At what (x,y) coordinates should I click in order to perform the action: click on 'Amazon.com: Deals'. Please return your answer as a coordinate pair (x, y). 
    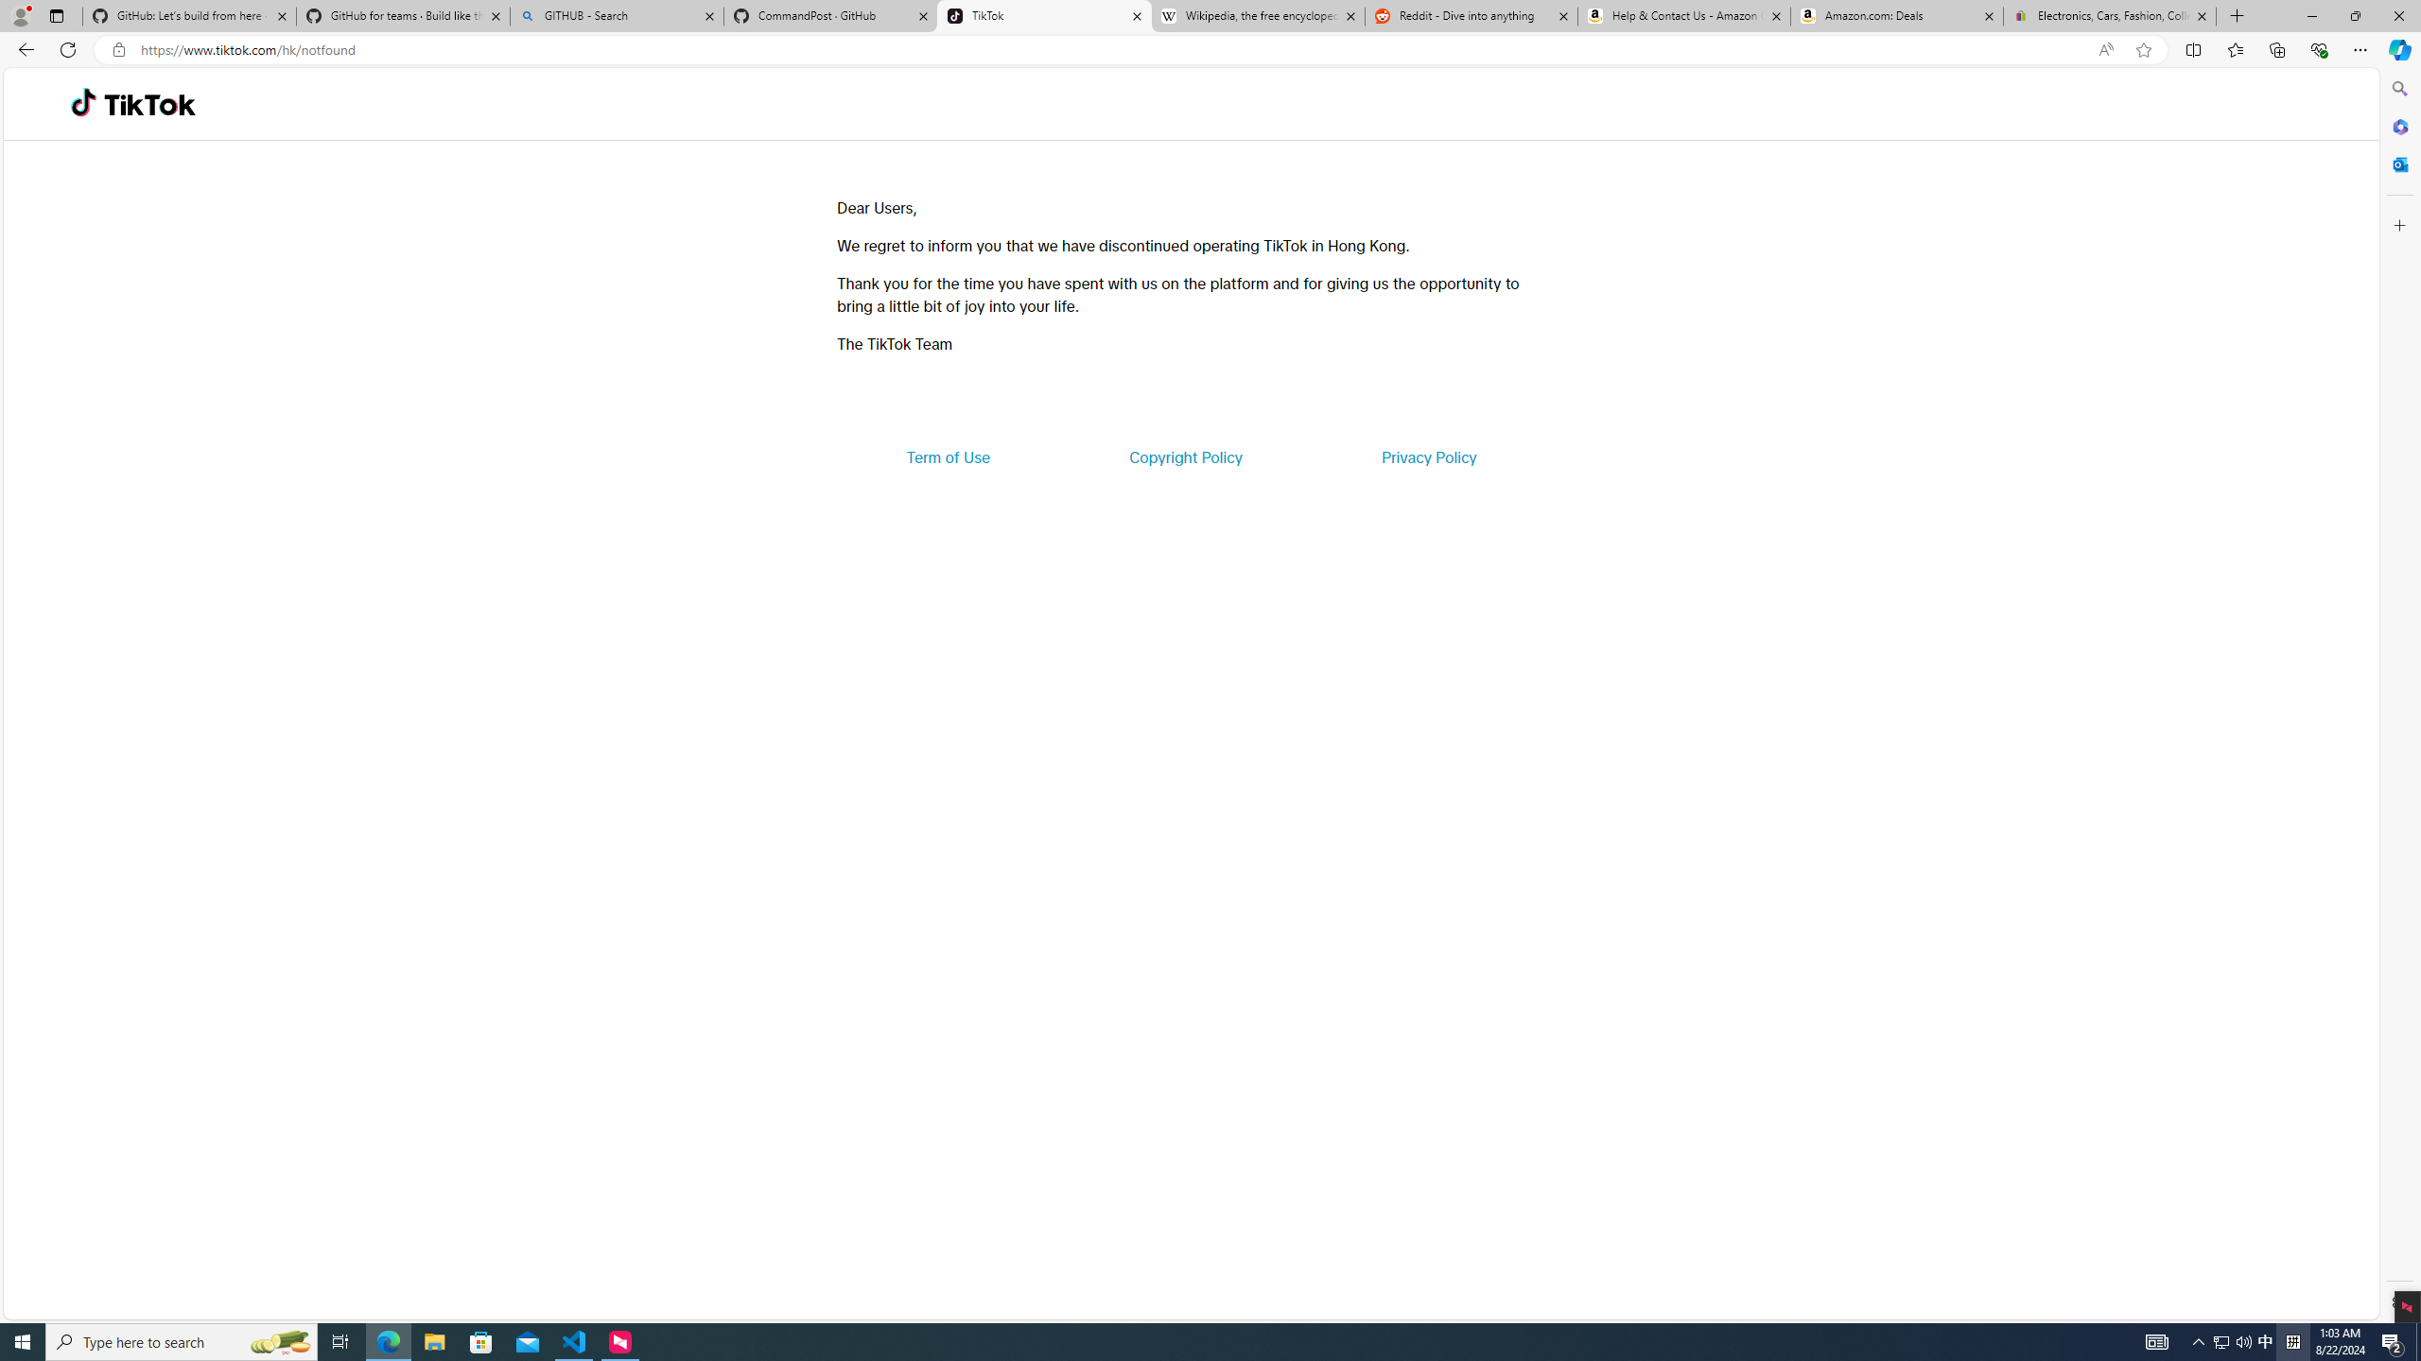
    Looking at the image, I should click on (1896, 15).